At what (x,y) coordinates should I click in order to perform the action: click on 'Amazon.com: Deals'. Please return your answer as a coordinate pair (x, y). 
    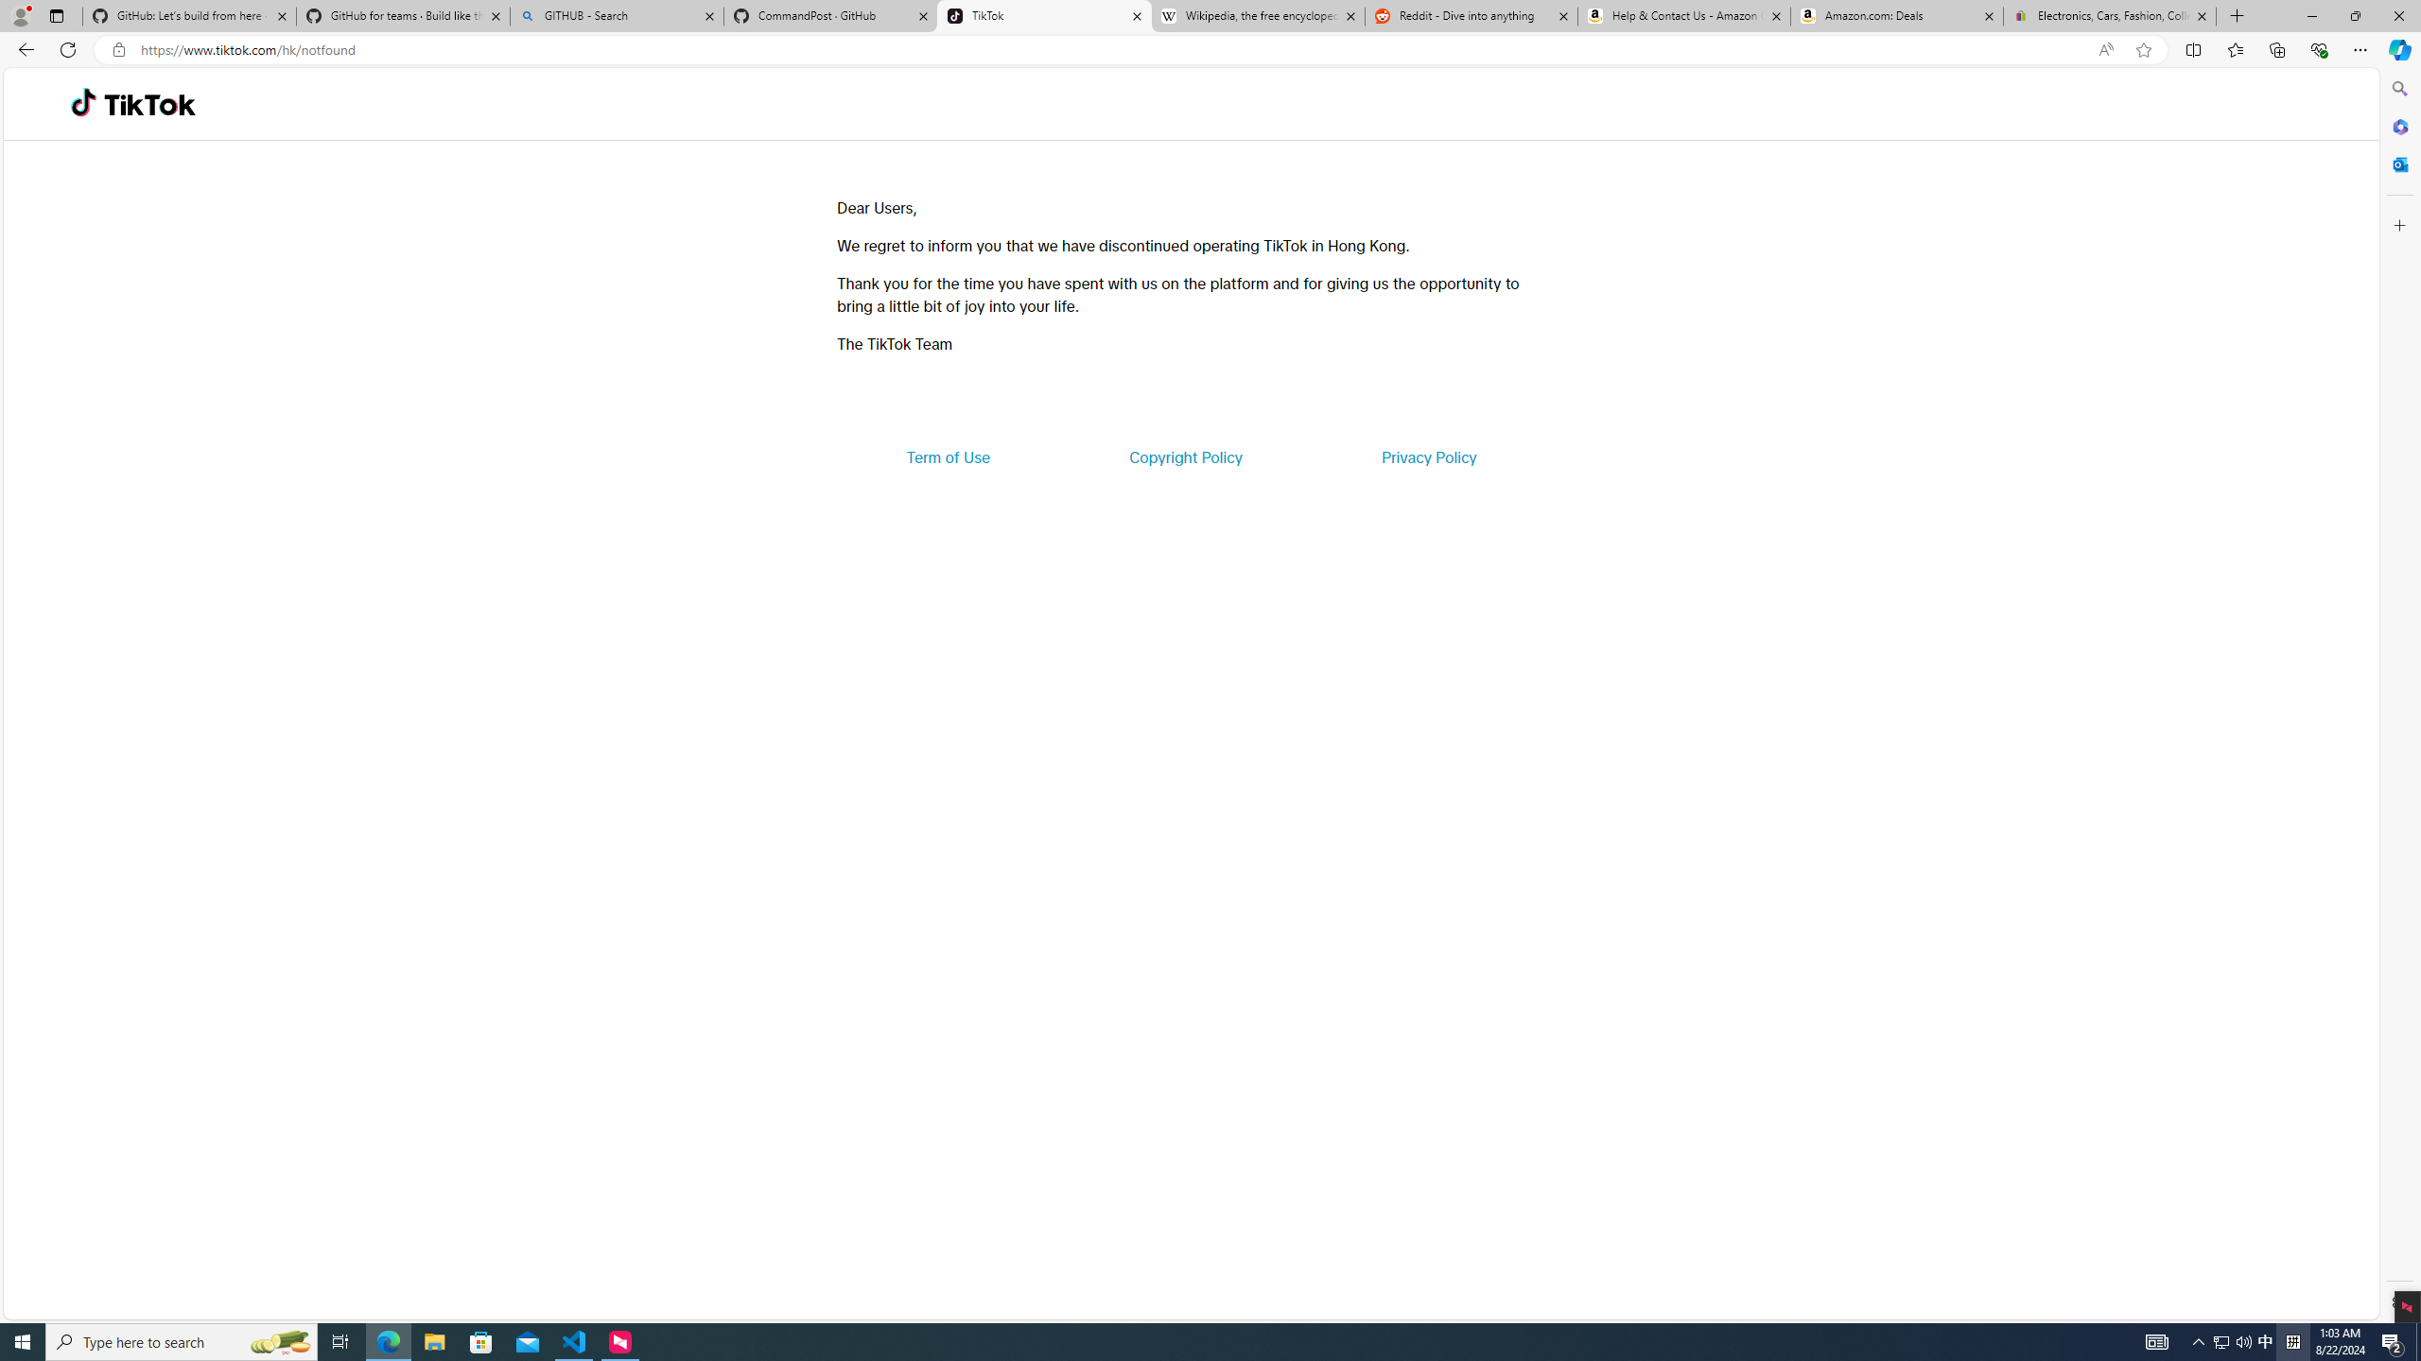
    Looking at the image, I should click on (1896, 15).